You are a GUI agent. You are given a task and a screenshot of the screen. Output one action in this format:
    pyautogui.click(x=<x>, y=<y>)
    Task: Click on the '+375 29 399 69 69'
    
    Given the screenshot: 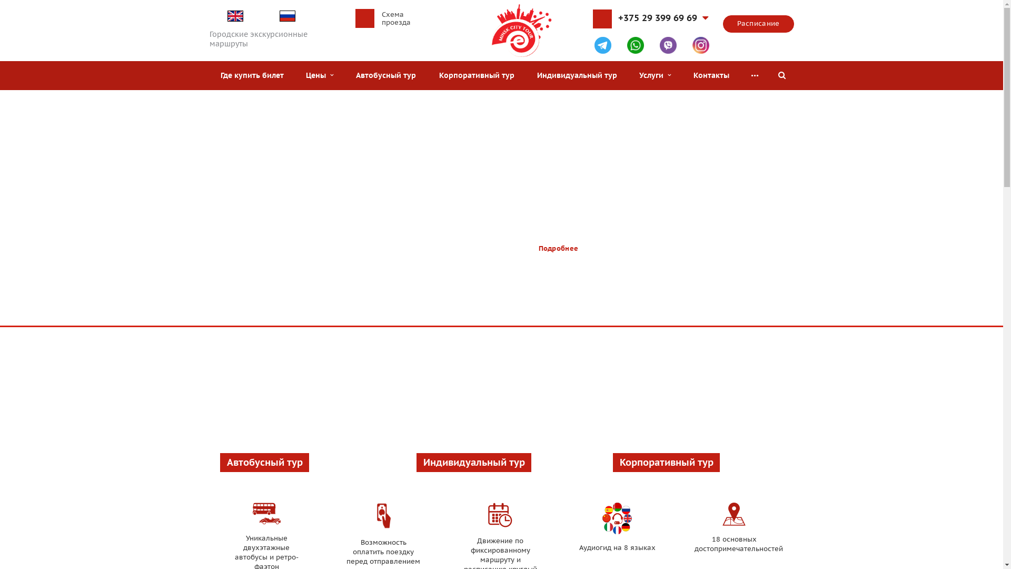 What is the action you would take?
    pyautogui.click(x=662, y=22)
    